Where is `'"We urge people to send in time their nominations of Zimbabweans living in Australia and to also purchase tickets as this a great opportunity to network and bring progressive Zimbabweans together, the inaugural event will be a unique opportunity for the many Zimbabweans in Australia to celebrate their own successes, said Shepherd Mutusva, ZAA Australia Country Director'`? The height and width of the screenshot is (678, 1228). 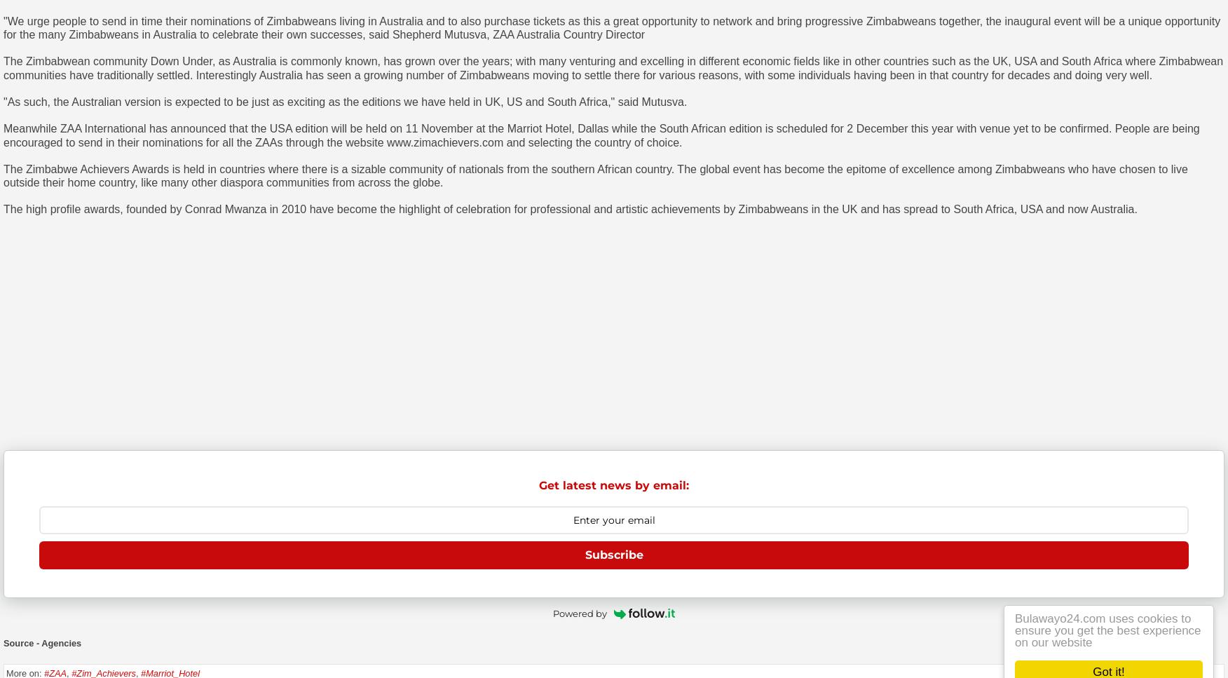
'"We urge people to send in time their nominations of Zimbabweans living in Australia and to also purchase tickets as this a great opportunity to network and bring progressive Zimbabweans together, the inaugural event will be a unique opportunity for the many Zimbabweans in Australia to celebrate their own successes, said Shepherd Mutusva, ZAA Australia Country Director' is located at coordinates (611, 27).